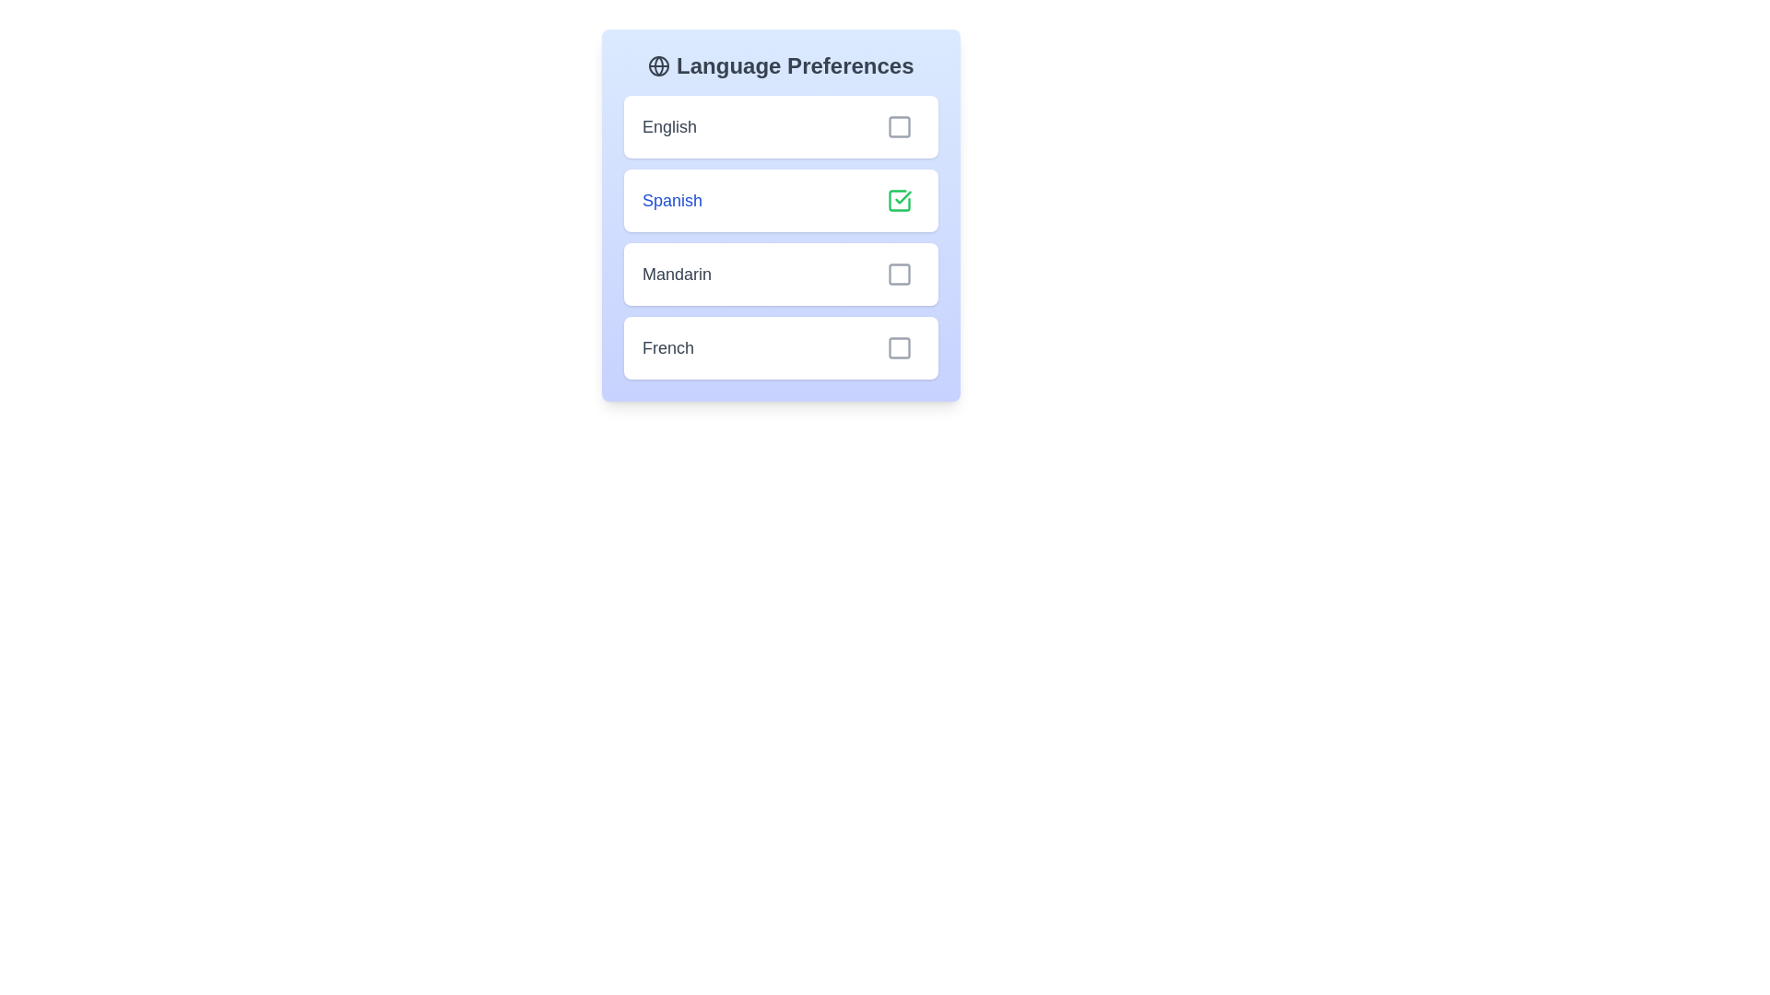 The image size is (1770, 995). I want to click on the checkbox located to the right of the 'Mandarin' text label, so click(899, 274).